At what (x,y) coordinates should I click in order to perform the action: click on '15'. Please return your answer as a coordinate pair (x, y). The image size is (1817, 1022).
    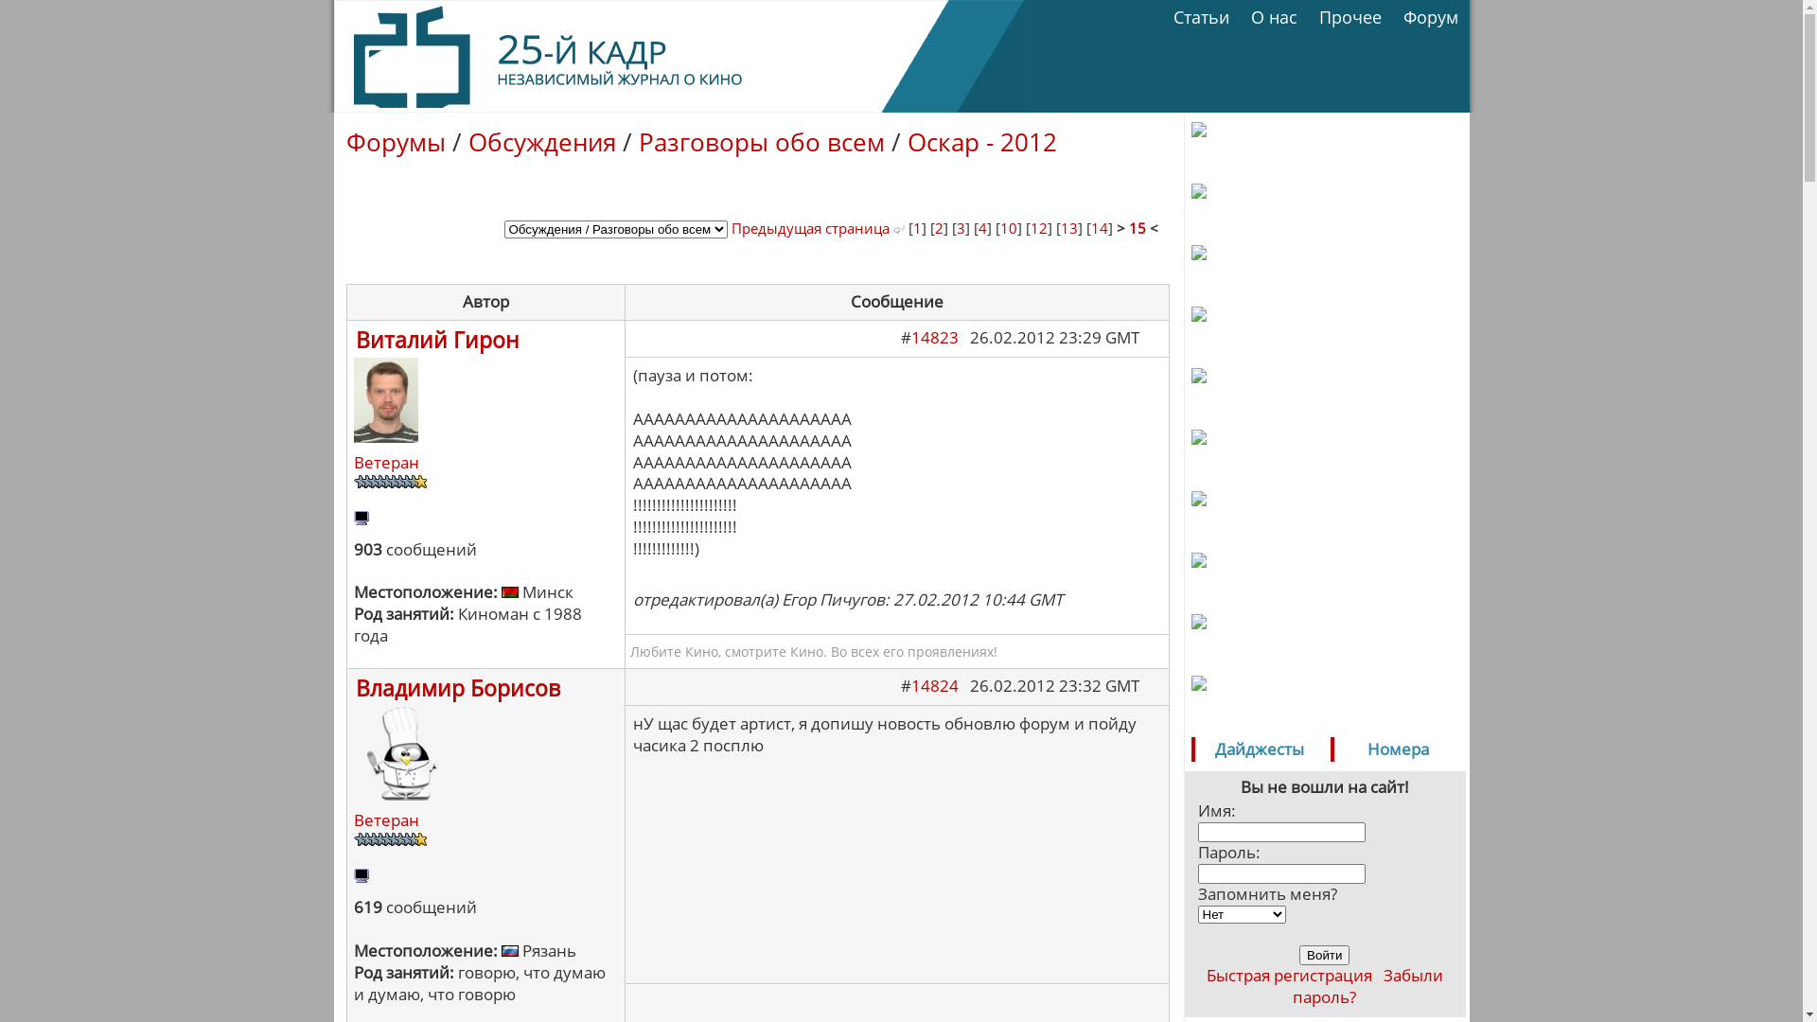
    Looking at the image, I should click on (1136, 226).